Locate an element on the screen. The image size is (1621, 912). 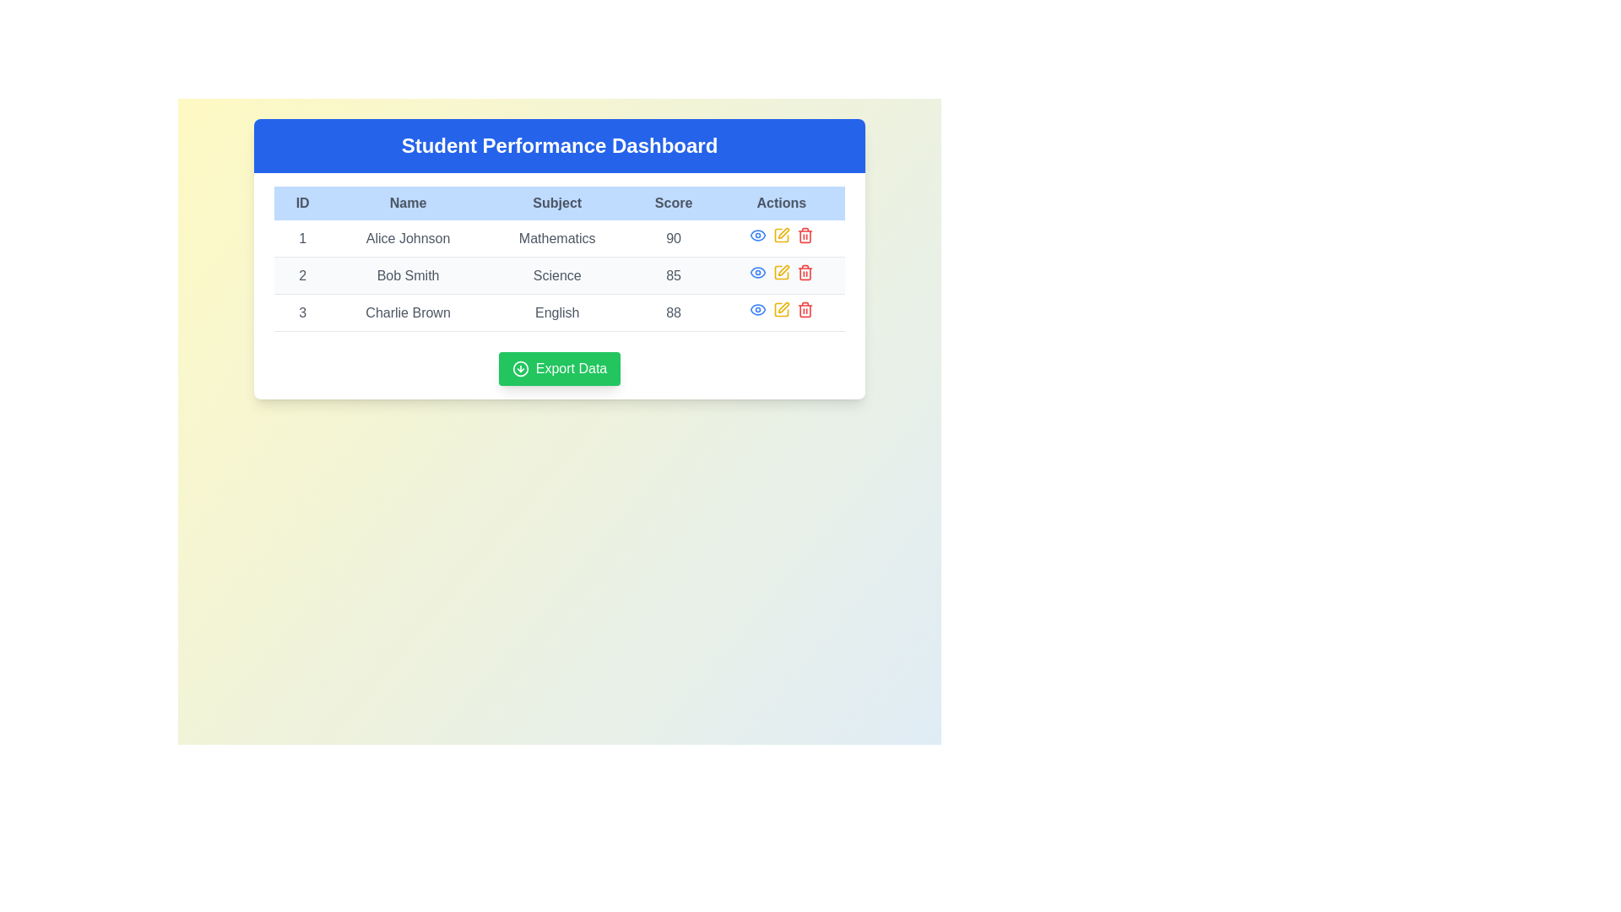
the delete button located in the fifth column of the Actions row, third row, which is used to delete the associated English record is located at coordinates (804, 309).